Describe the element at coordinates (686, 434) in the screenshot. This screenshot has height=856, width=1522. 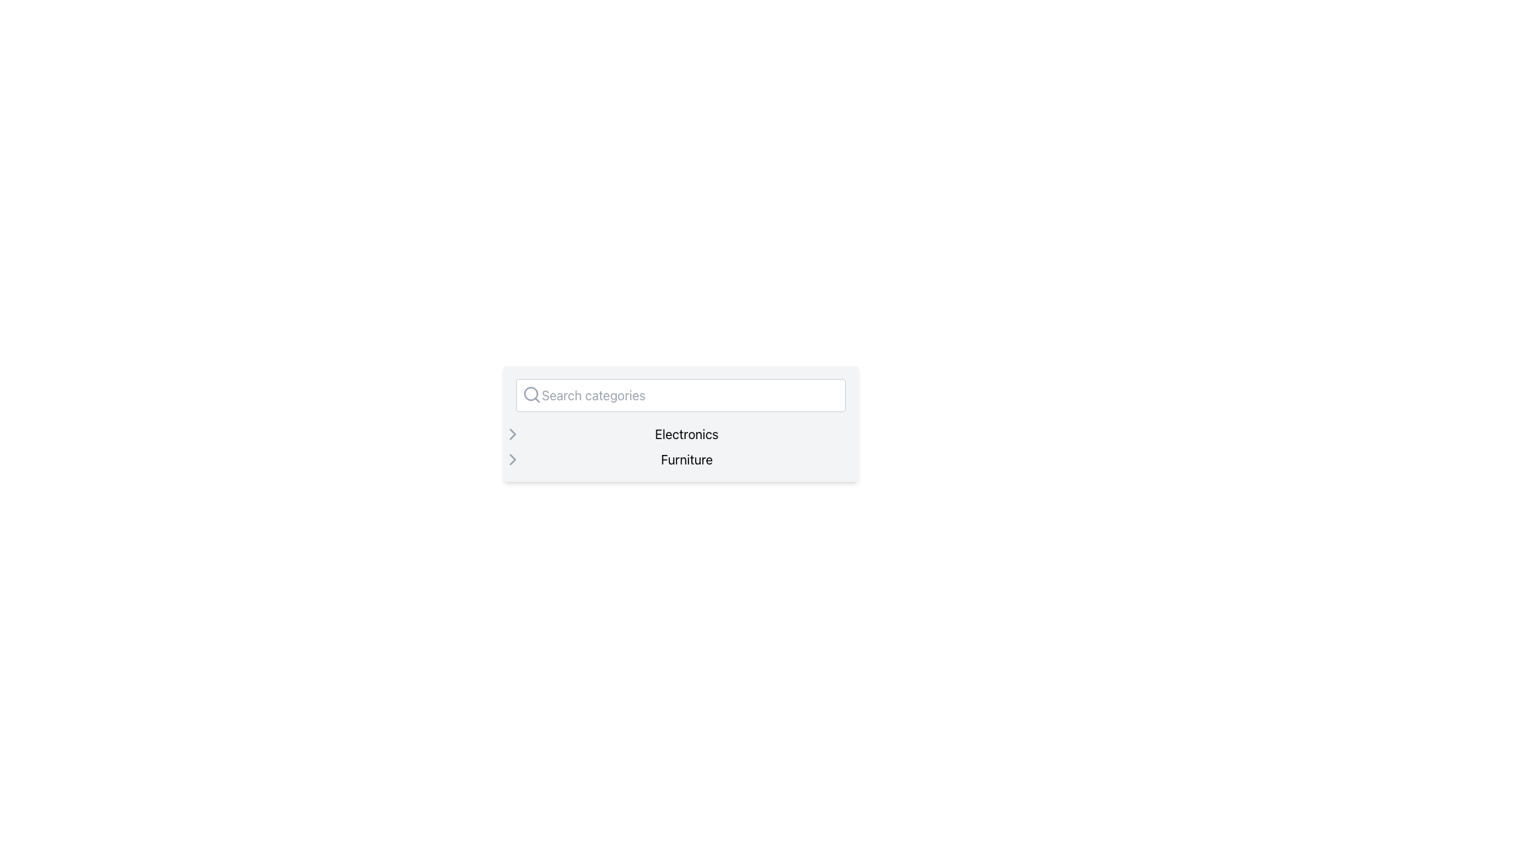
I see `the 'Electronics' category label in the menu to enable interaction` at that location.